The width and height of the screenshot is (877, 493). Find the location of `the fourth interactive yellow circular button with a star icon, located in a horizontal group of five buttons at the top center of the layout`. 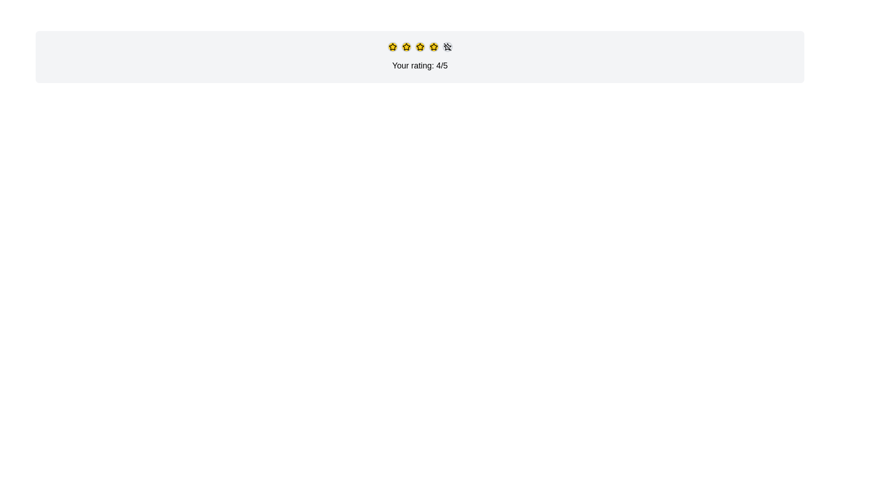

the fourth interactive yellow circular button with a star icon, located in a horizontal group of five buttons at the top center of the layout is located at coordinates (433, 47).